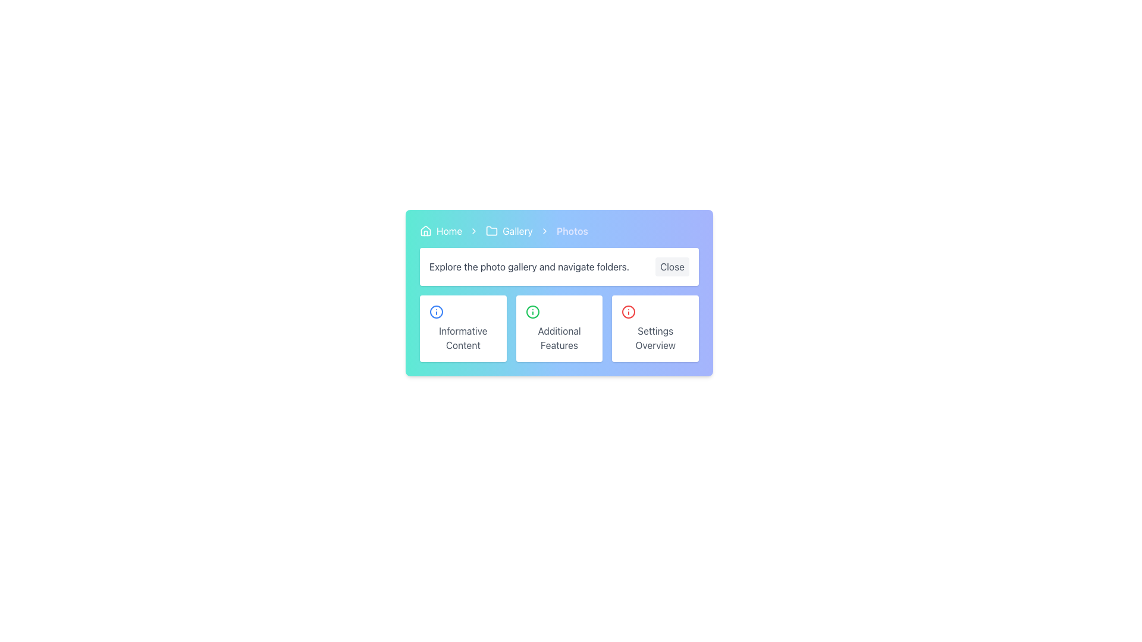  What do you see at coordinates (559, 338) in the screenshot?
I see `the 'Additional Features' text label, which is styled in gray and located within a white rounded rectangle under the green info icon` at bounding box center [559, 338].